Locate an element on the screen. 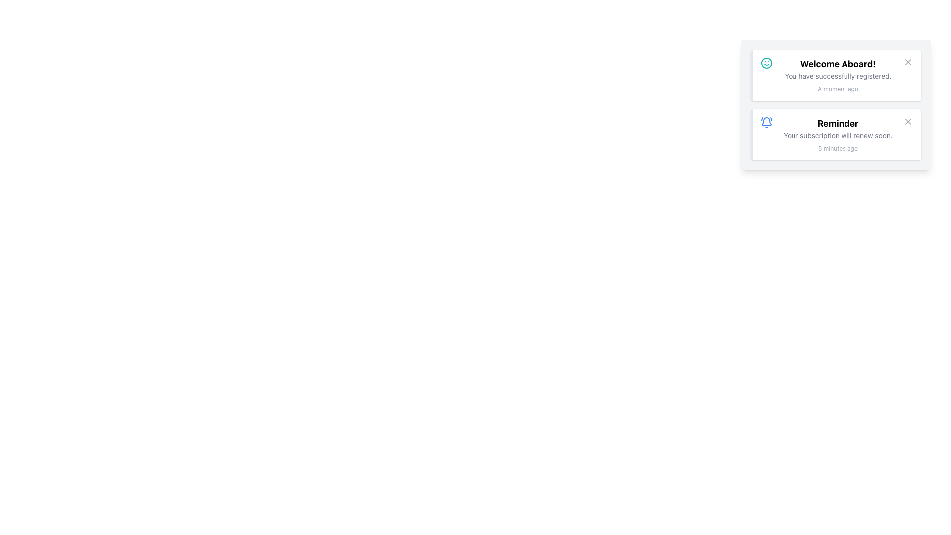 The width and height of the screenshot is (951, 535). the Icon Button located at the top-right corner of the 'Welcome Aboard!' notification is located at coordinates (908, 62).